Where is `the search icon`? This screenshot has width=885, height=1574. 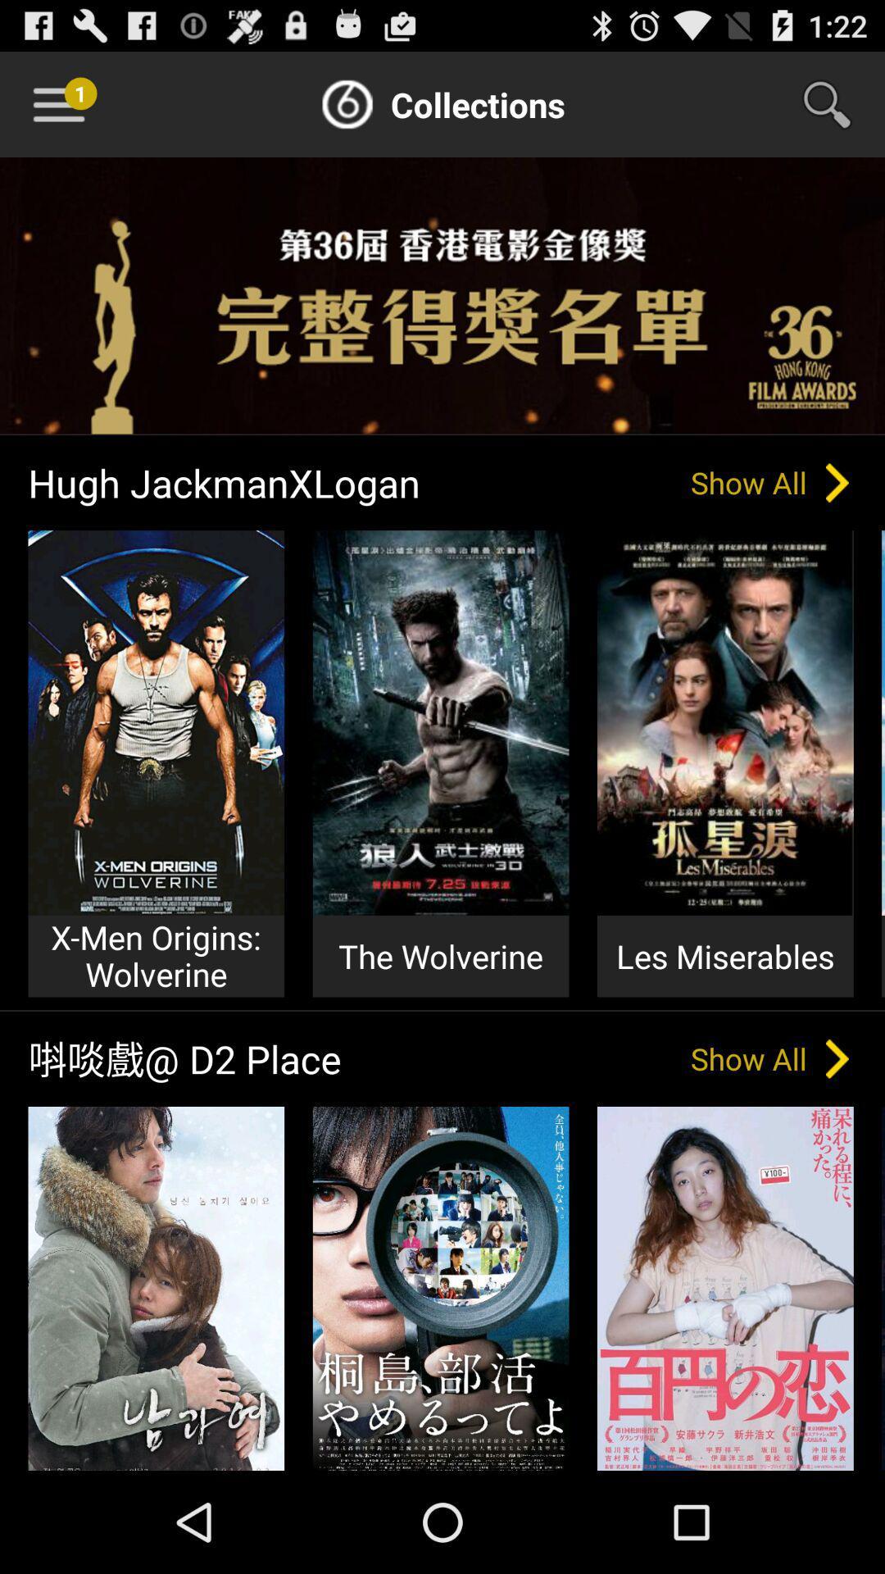
the search icon is located at coordinates (837, 111).